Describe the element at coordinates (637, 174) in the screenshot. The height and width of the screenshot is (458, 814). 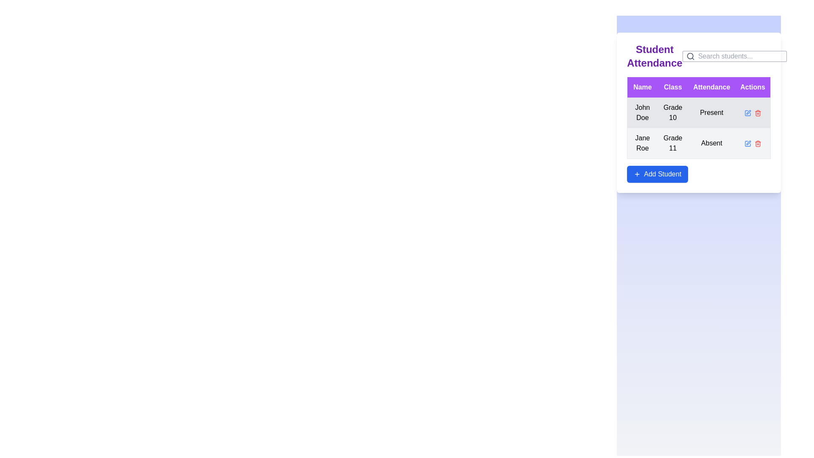
I see `the plus sign icon inside the 'Add Student' button` at that location.